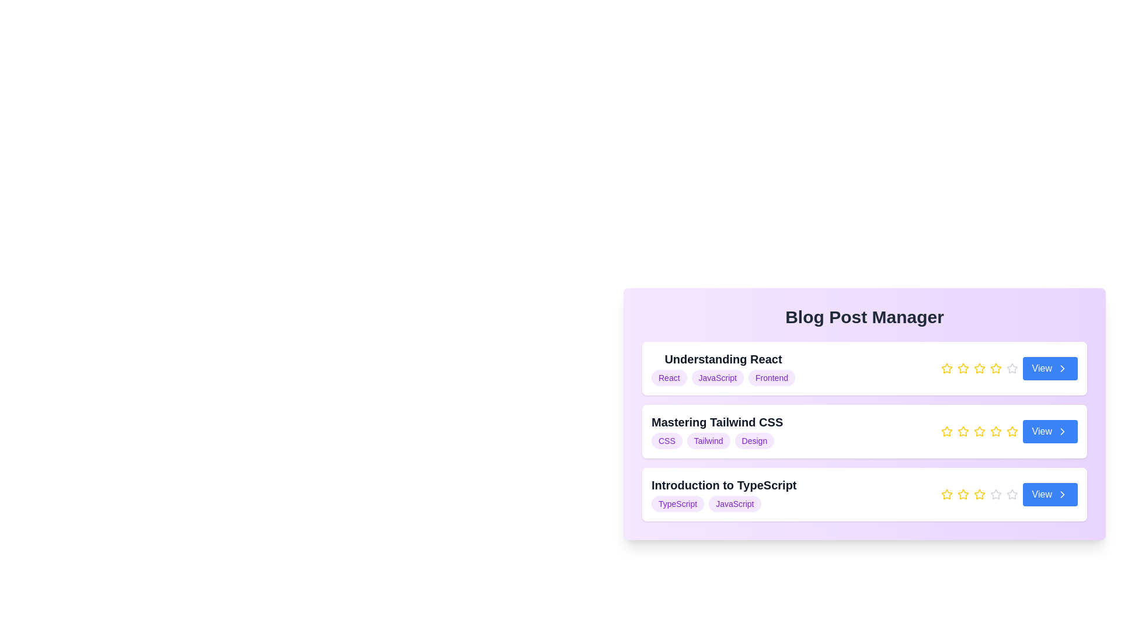  I want to click on the title text at the top of the first card in the grid layout, so click(722, 359).